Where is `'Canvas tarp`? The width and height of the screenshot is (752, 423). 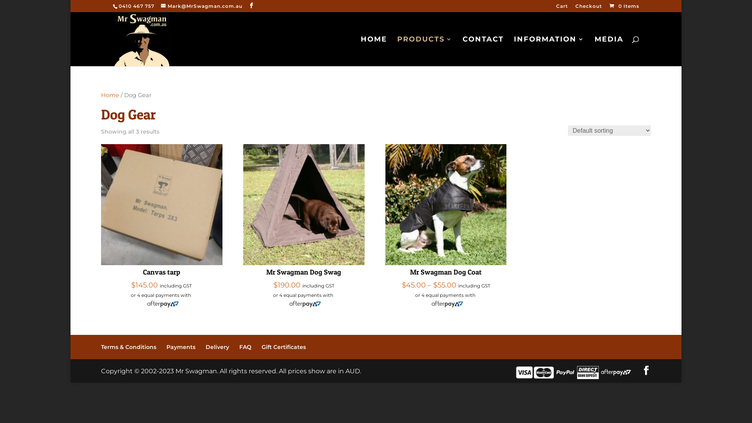 'Canvas tarp is located at coordinates (161, 225).